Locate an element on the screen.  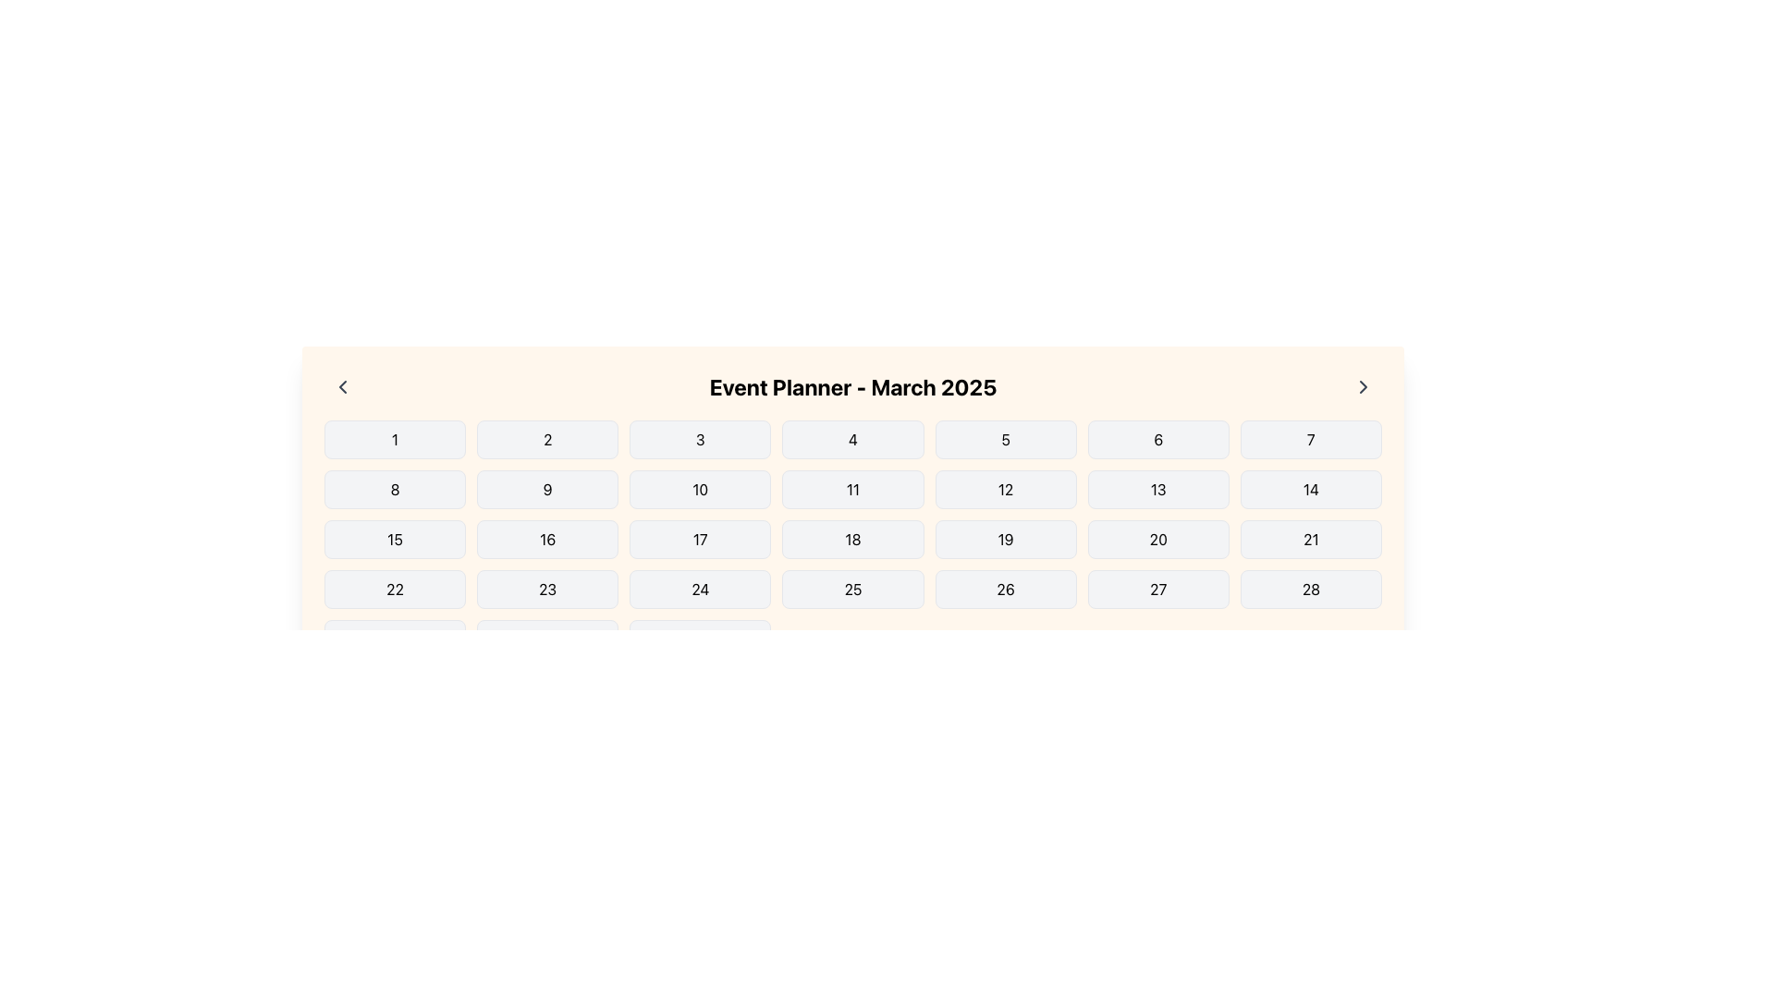
the text element representing the 16th day of the month in the calendar is located at coordinates (546, 539).